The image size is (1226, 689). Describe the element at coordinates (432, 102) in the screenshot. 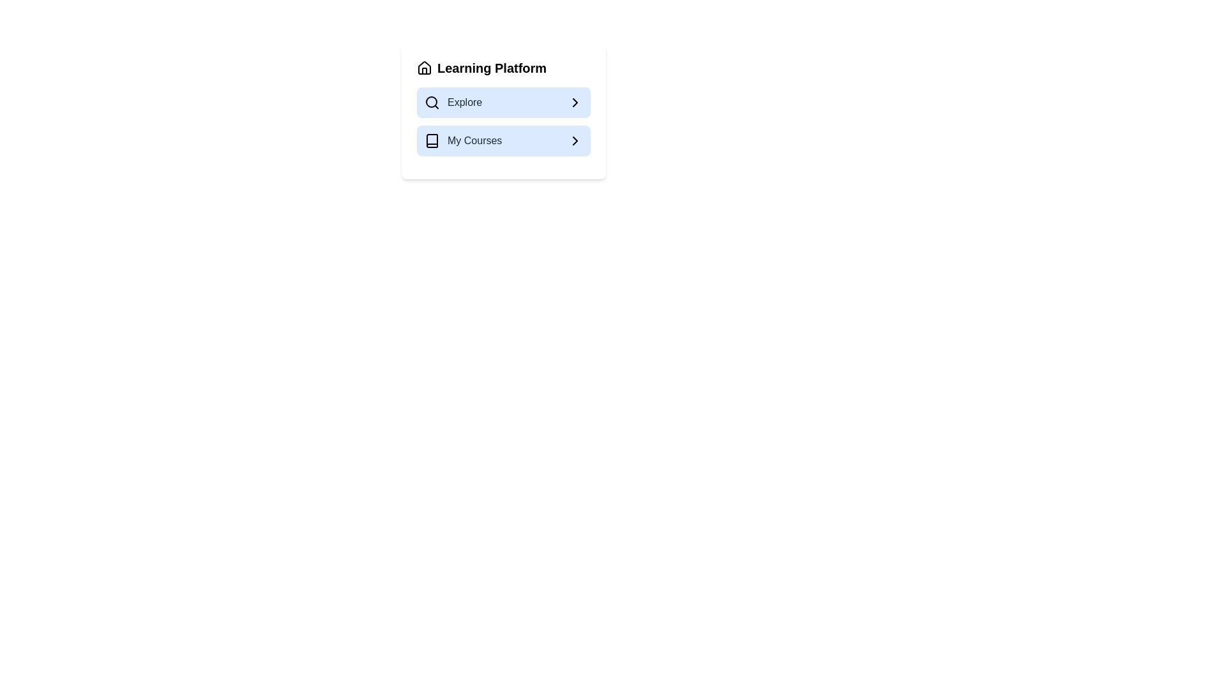

I see `the 'Explore' icon located to the left of the text within the vertically arranged menu` at that location.